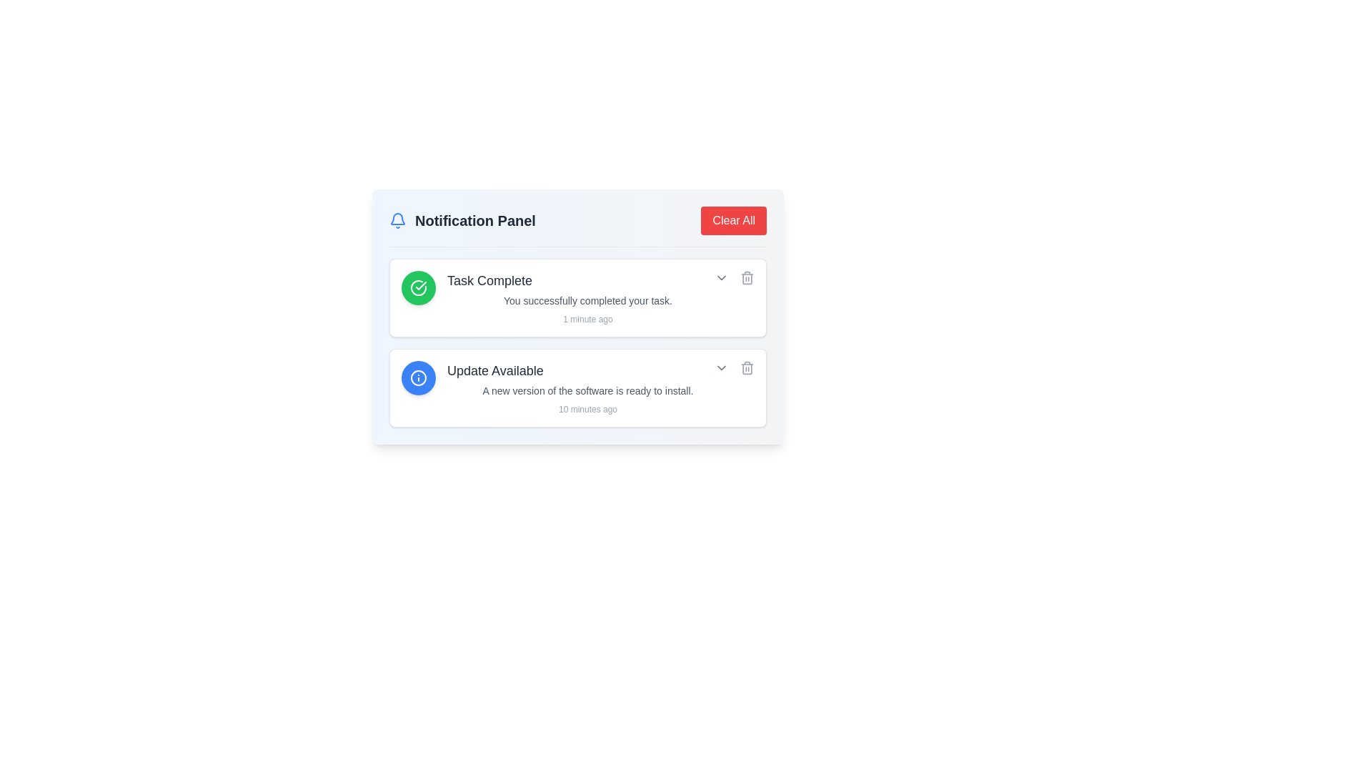 This screenshot has width=1372, height=772. Describe the element at coordinates (495, 370) in the screenshot. I see `the text element displaying 'Update Available' which is prominently located within a notification card` at that location.